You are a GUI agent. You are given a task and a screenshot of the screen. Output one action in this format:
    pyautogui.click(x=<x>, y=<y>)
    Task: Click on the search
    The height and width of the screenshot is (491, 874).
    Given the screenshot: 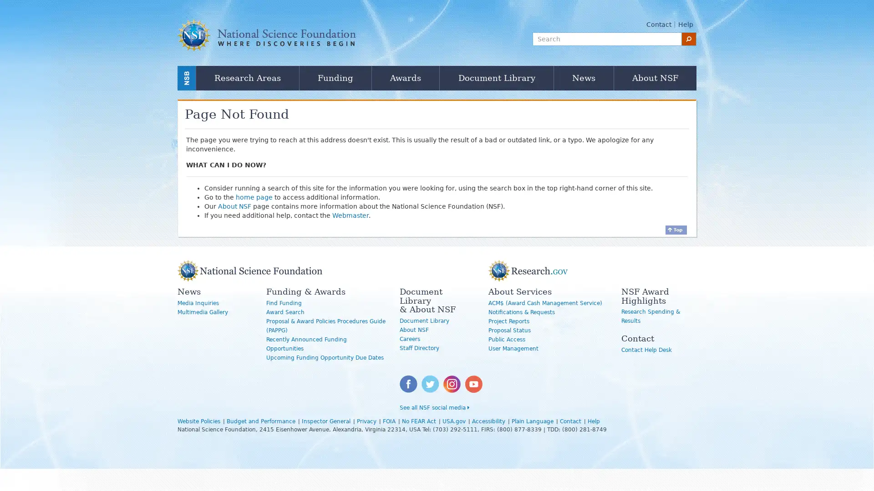 What is the action you would take?
    pyautogui.click(x=689, y=38)
    